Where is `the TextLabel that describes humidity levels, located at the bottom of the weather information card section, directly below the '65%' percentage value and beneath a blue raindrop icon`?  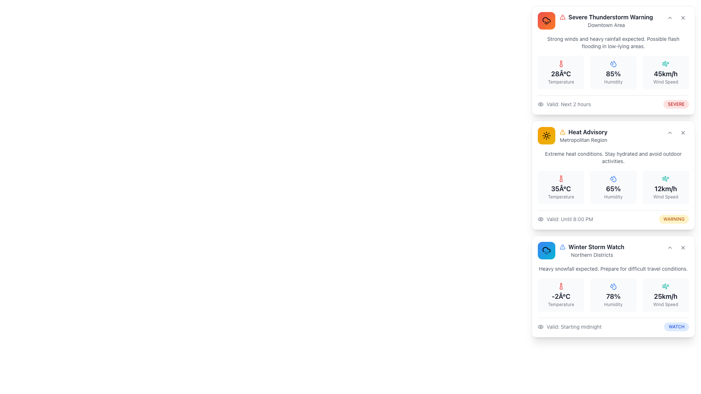
the TextLabel that describes humidity levels, located at the bottom of the weather information card section, directly below the '65%' percentage value and beneath a blue raindrop icon is located at coordinates (613, 197).